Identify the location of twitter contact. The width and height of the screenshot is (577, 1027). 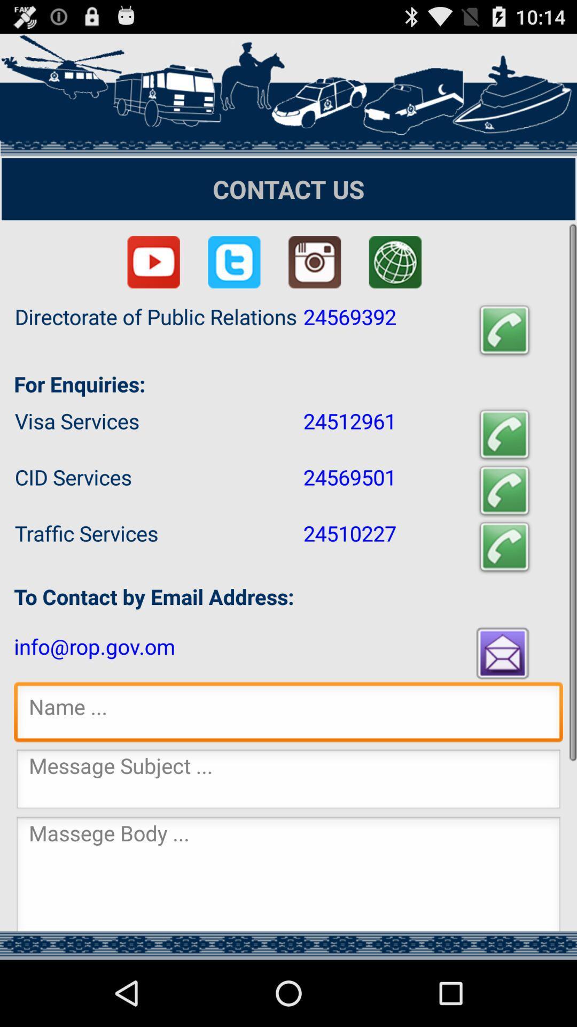
(233, 262).